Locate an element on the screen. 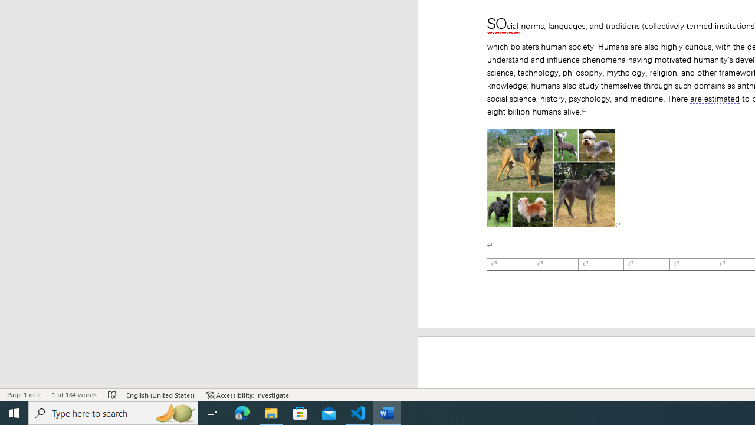 The height and width of the screenshot is (425, 755). 'Page Number Page 1 of 2' is located at coordinates (24, 395).